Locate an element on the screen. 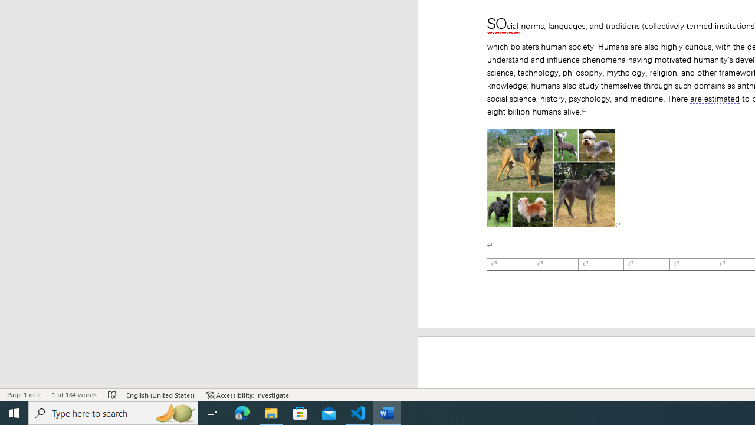 The height and width of the screenshot is (425, 755). 'Page Number Page 1 of 2' is located at coordinates (24, 395).